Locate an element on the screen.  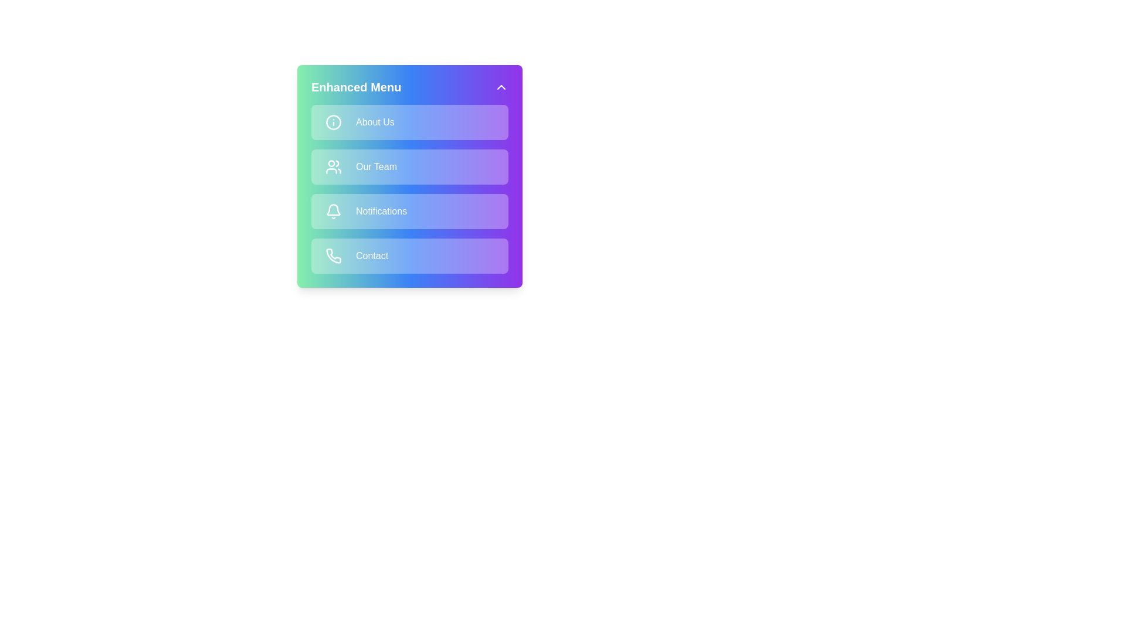
the menu item Notifications from the options available is located at coordinates (410, 212).